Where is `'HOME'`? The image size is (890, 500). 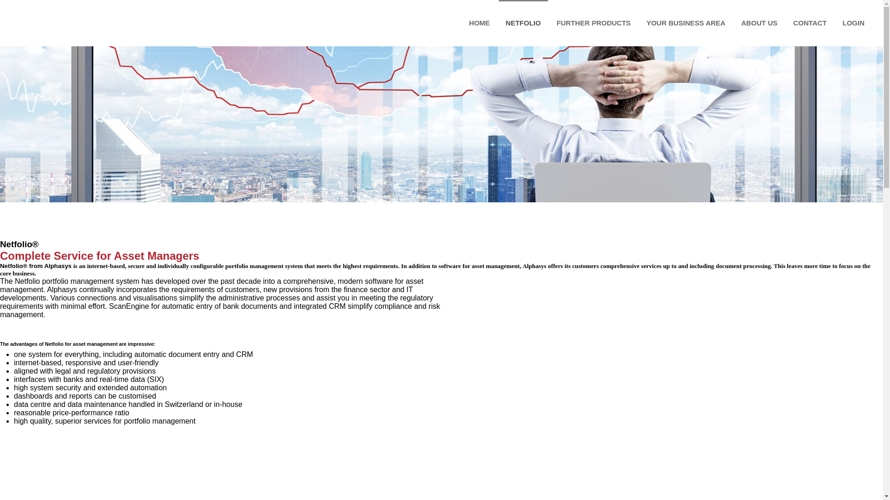
'HOME' is located at coordinates (479, 23).